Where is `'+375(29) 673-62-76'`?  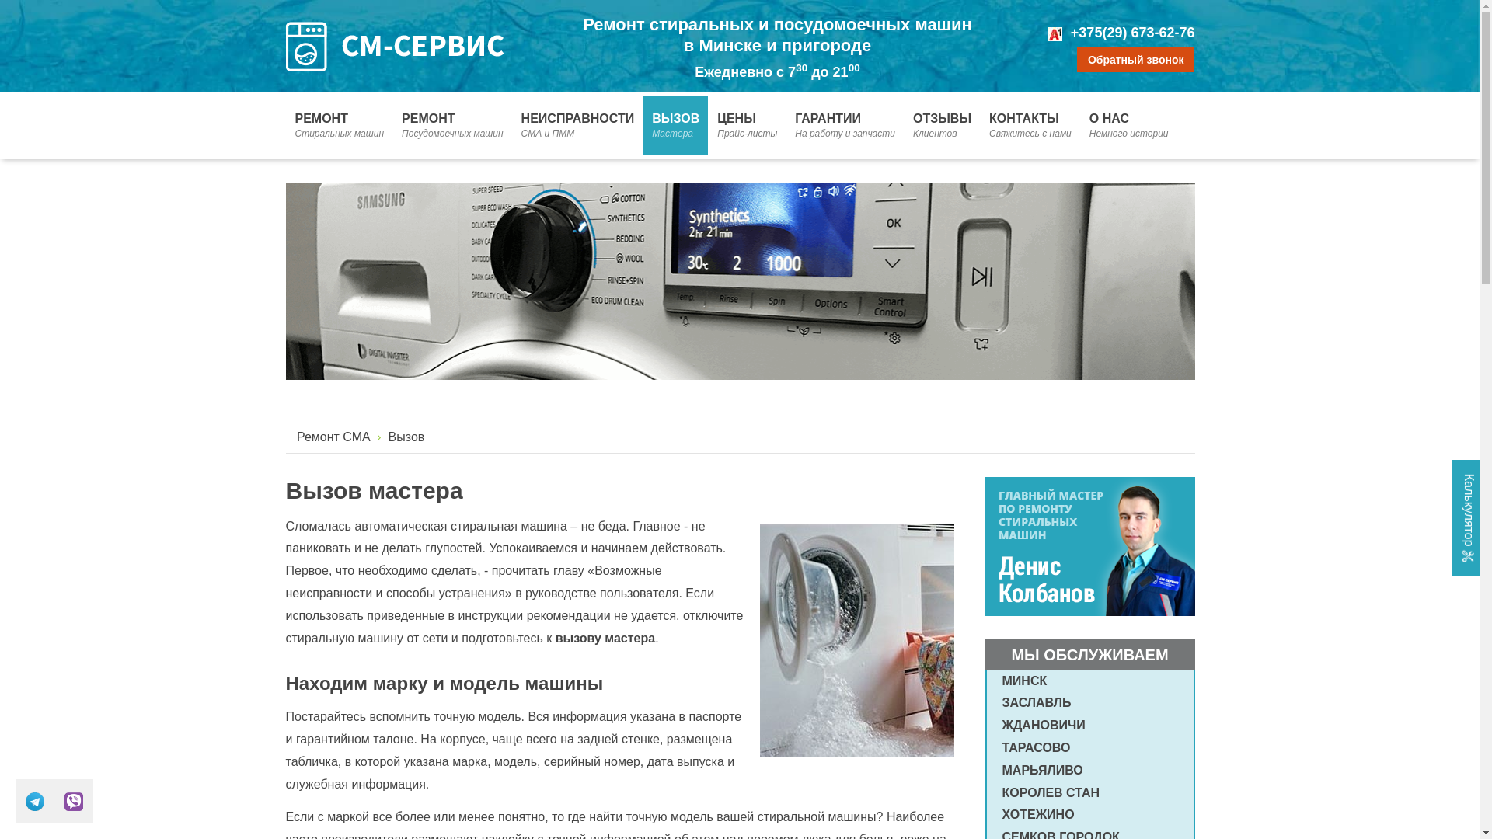
'+375(29) 673-62-76' is located at coordinates (1133, 33).